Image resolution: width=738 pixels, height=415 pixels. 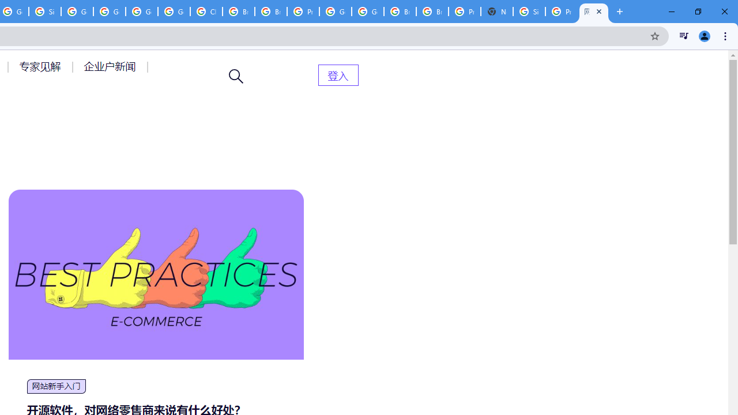 What do you see at coordinates (42, 66) in the screenshot?
I see `'AutomationID: menu-item-77764'` at bounding box center [42, 66].